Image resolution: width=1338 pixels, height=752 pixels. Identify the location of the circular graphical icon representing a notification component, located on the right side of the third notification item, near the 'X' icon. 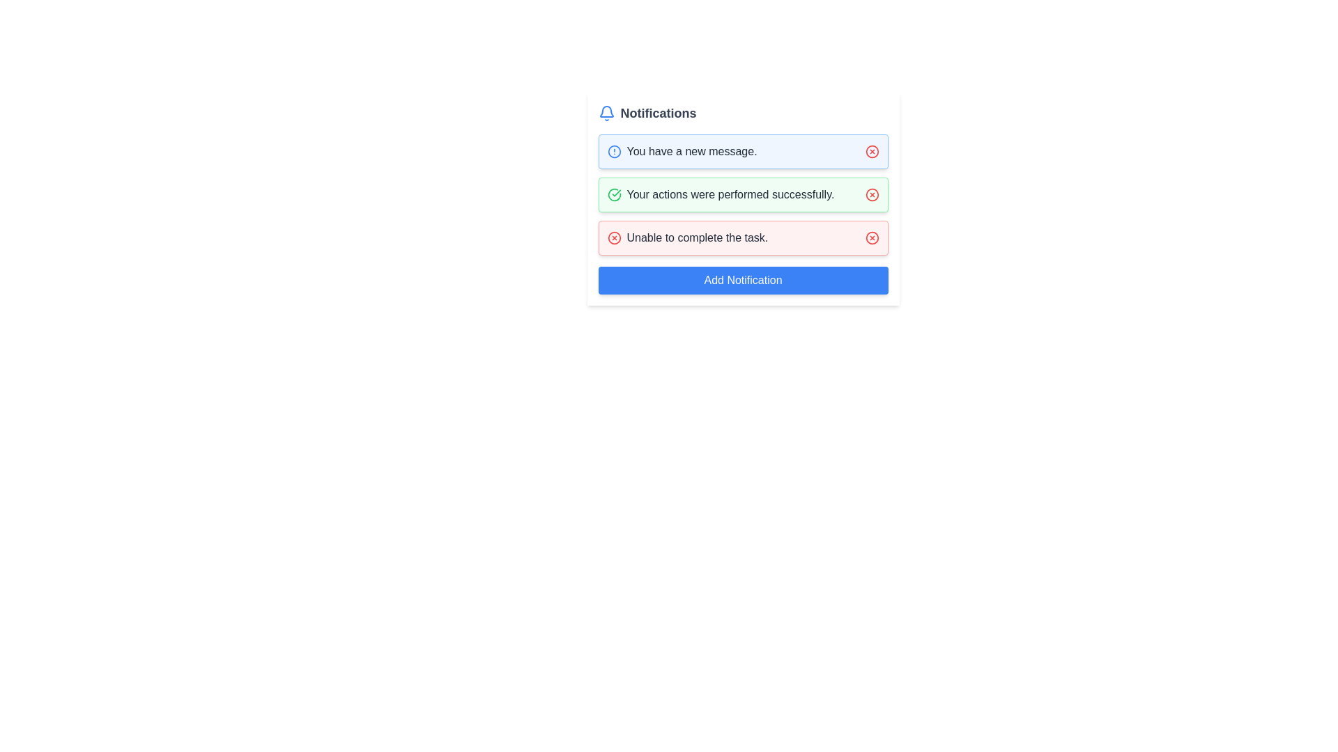
(871, 237).